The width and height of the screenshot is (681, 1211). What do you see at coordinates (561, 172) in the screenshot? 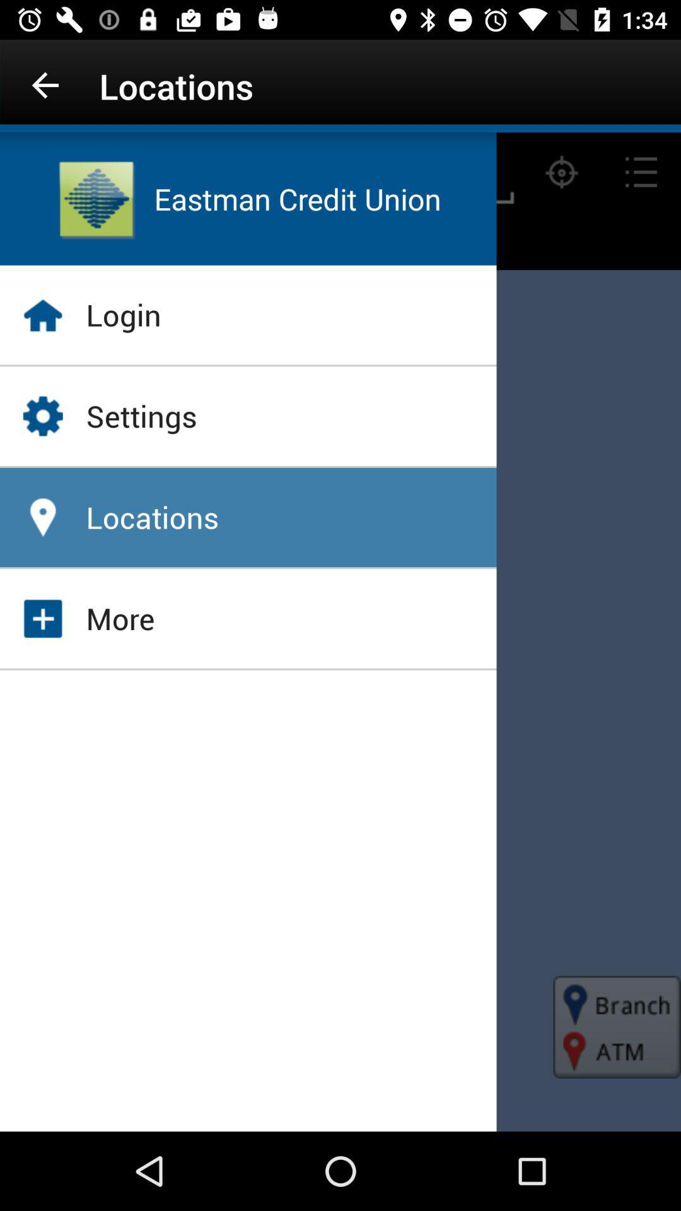
I see `the location_crosshair icon` at bounding box center [561, 172].